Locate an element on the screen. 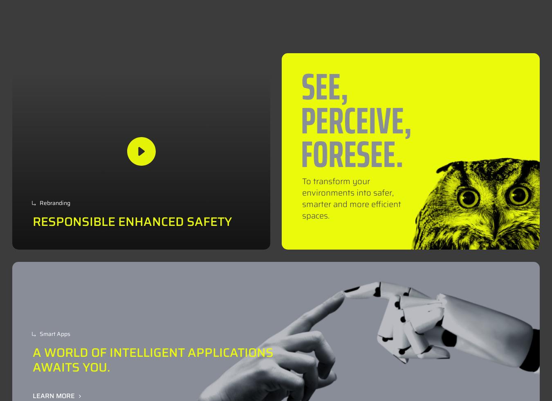  'CONTACT US' is located at coordinates (486, 20).